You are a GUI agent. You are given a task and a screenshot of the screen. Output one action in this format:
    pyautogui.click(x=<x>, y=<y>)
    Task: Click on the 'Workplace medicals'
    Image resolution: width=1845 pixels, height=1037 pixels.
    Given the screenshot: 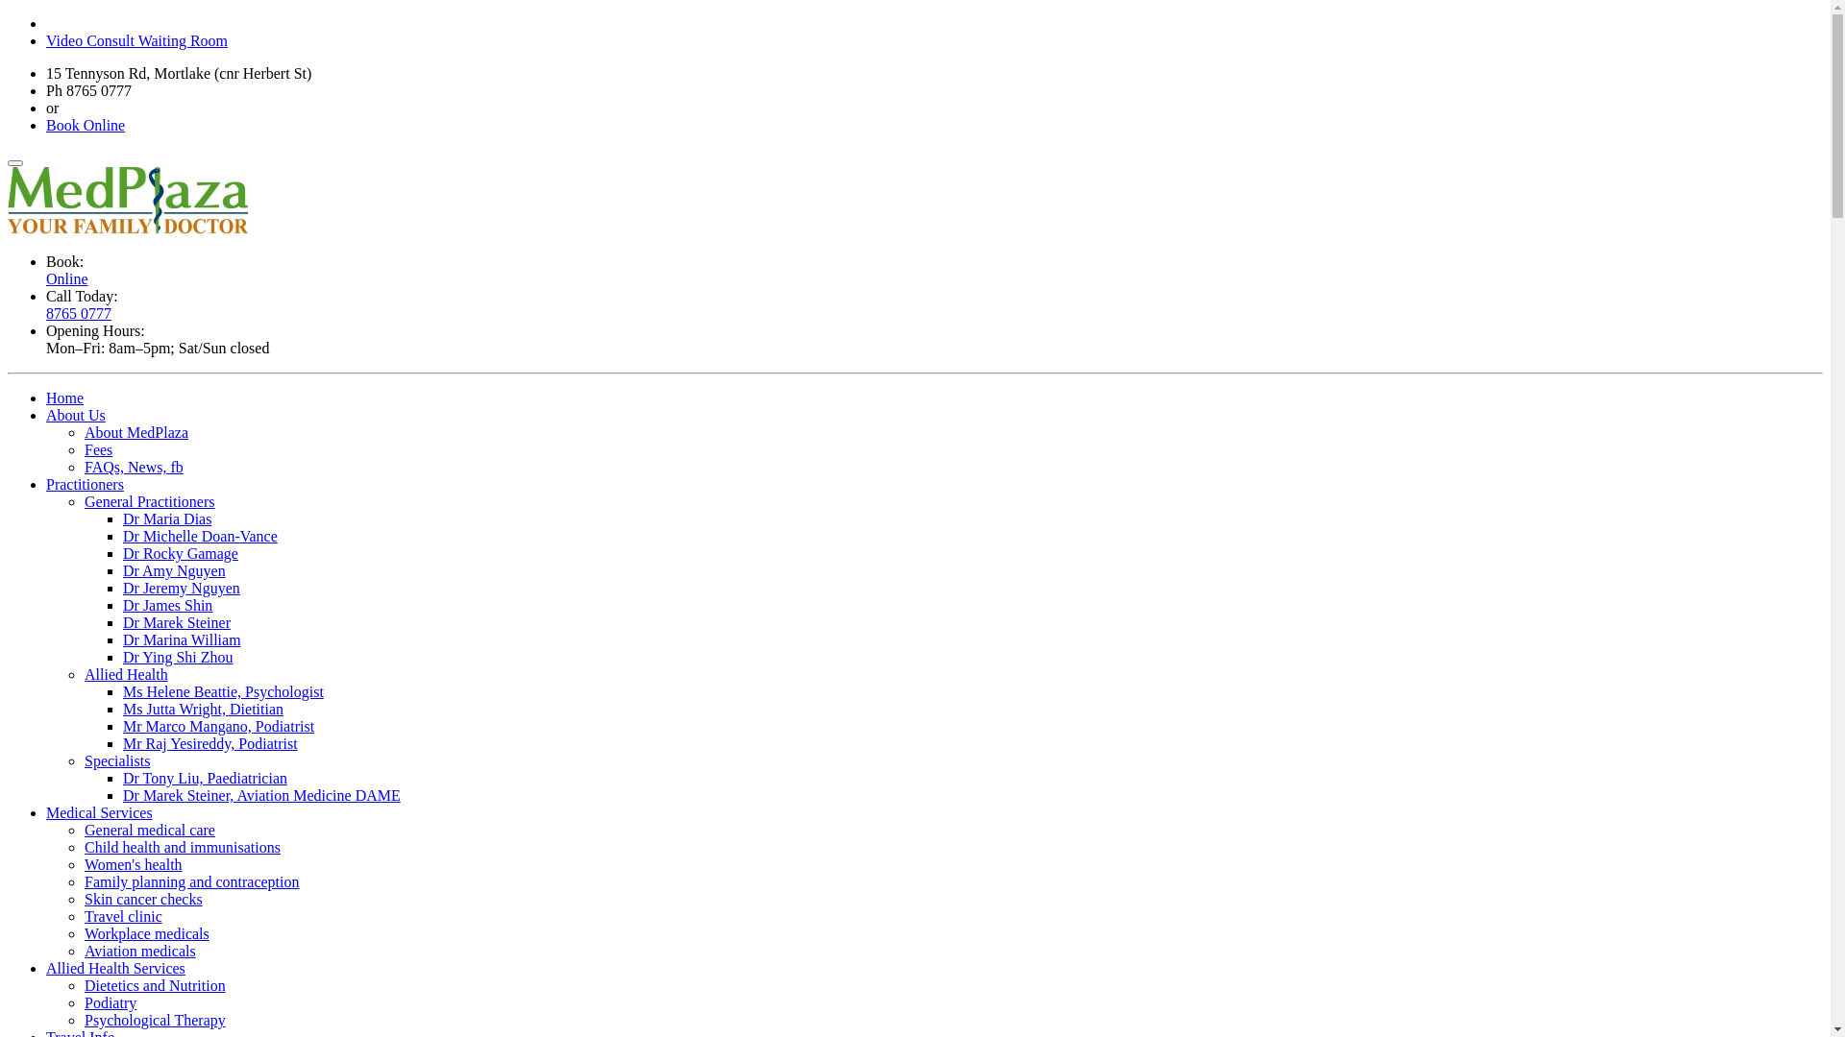 What is the action you would take?
    pyautogui.click(x=146, y=932)
    